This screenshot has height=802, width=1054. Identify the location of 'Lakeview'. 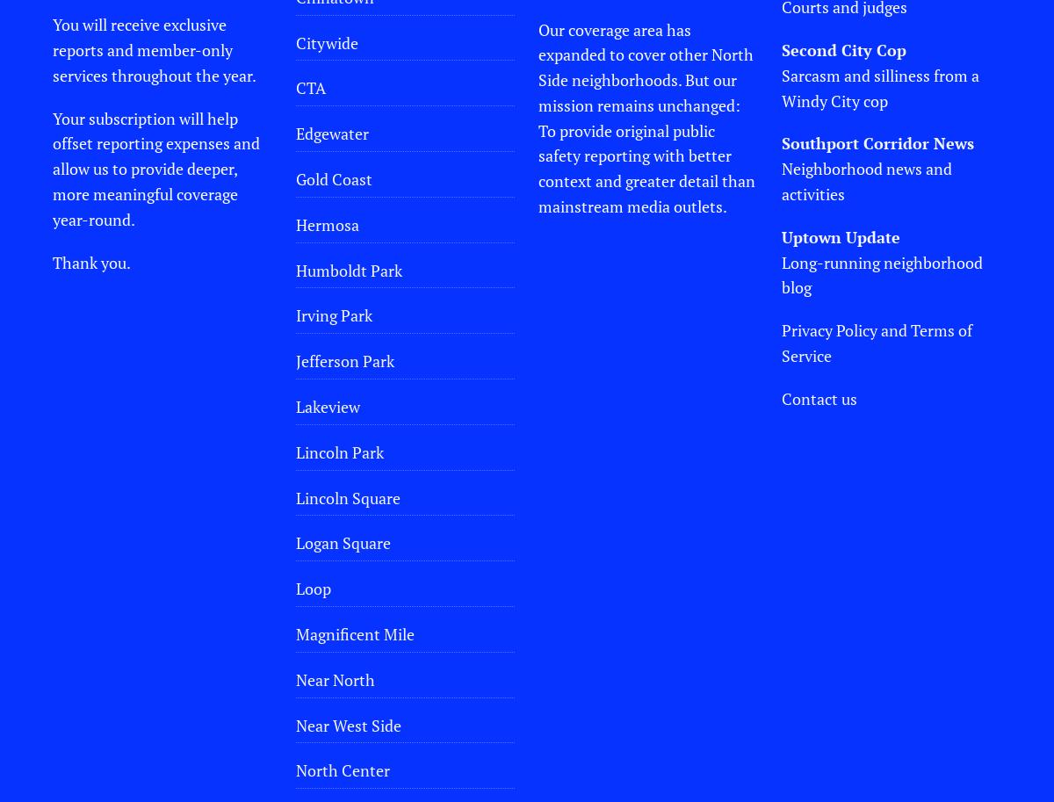
(327, 404).